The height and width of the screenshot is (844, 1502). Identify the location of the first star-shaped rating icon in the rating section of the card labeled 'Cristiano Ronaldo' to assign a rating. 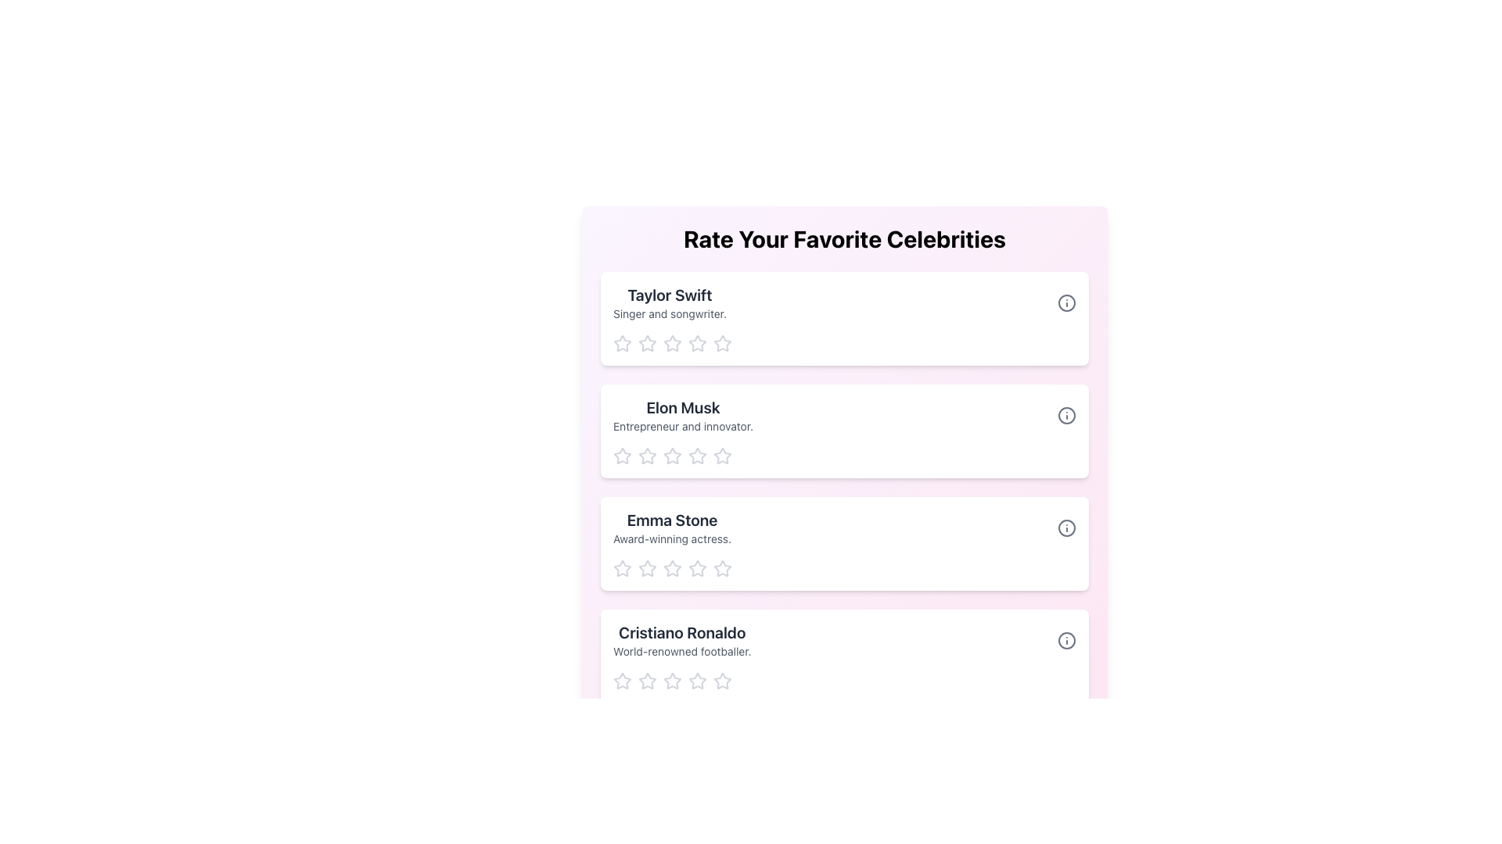
(622, 680).